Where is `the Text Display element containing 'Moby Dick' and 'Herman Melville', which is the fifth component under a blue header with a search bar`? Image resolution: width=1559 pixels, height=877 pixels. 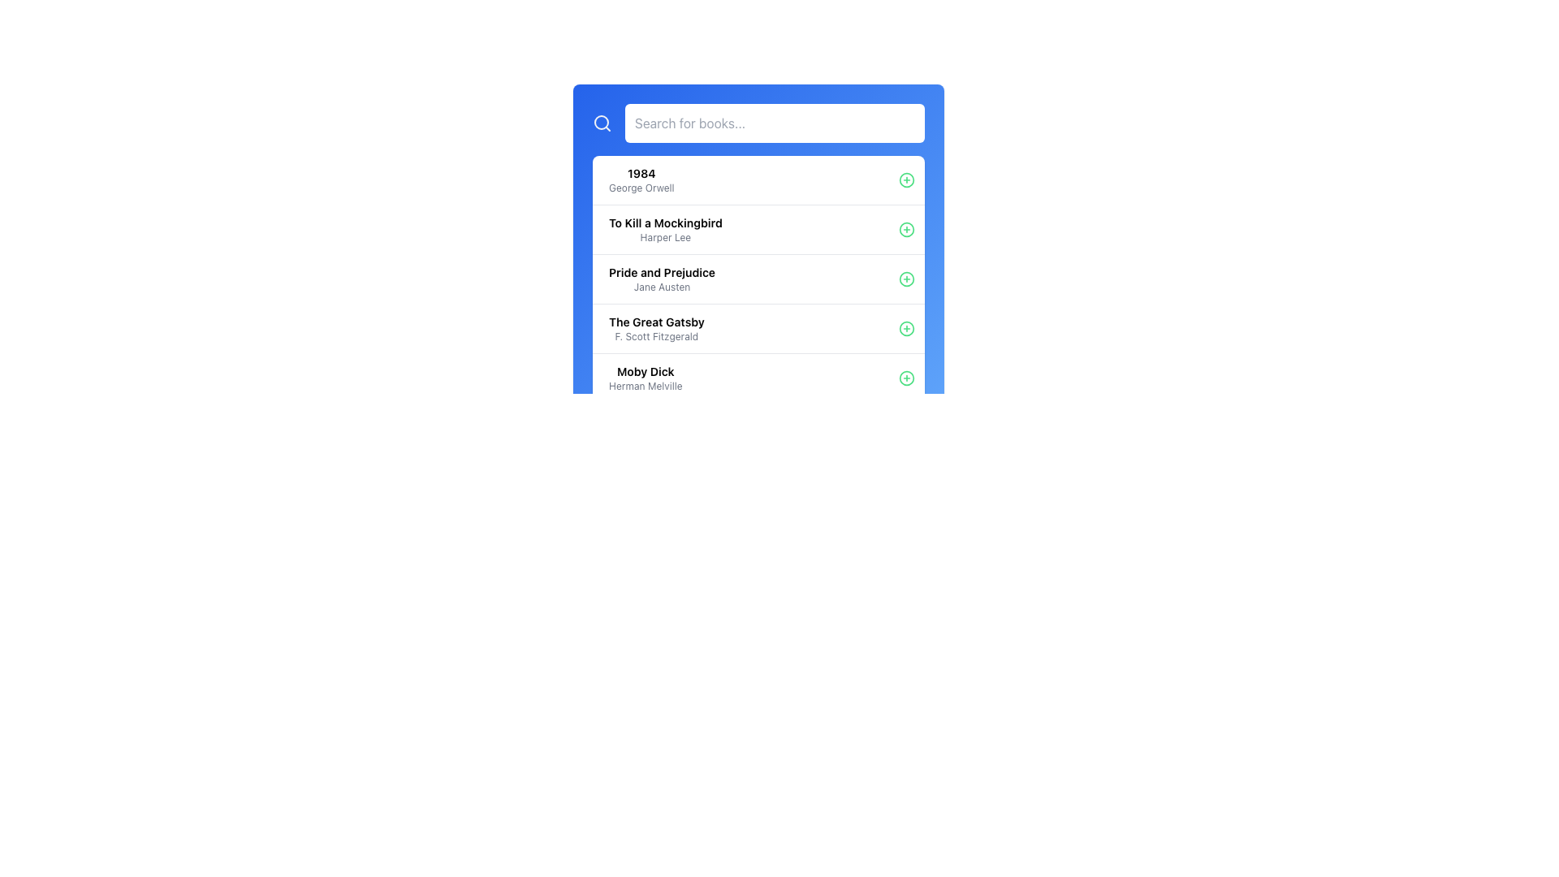 the Text Display element containing 'Moby Dick' and 'Herman Melville', which is the fifth component under a blue header with a search bar is located at coordinates (645, 378).